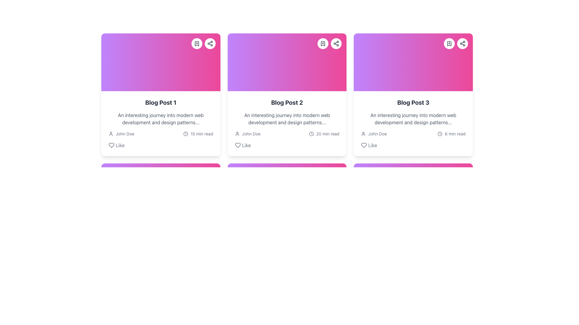 The width and height of the screenshot is (579, 325). What do you see at coordinates (185, 133) in the screenshot?
I see `the circular clock icon with a thin stroke located to the left of the text '15 min read' in the bottom right of the card labeled 'Blog Post 1.'` at bounding box center [185, 133].